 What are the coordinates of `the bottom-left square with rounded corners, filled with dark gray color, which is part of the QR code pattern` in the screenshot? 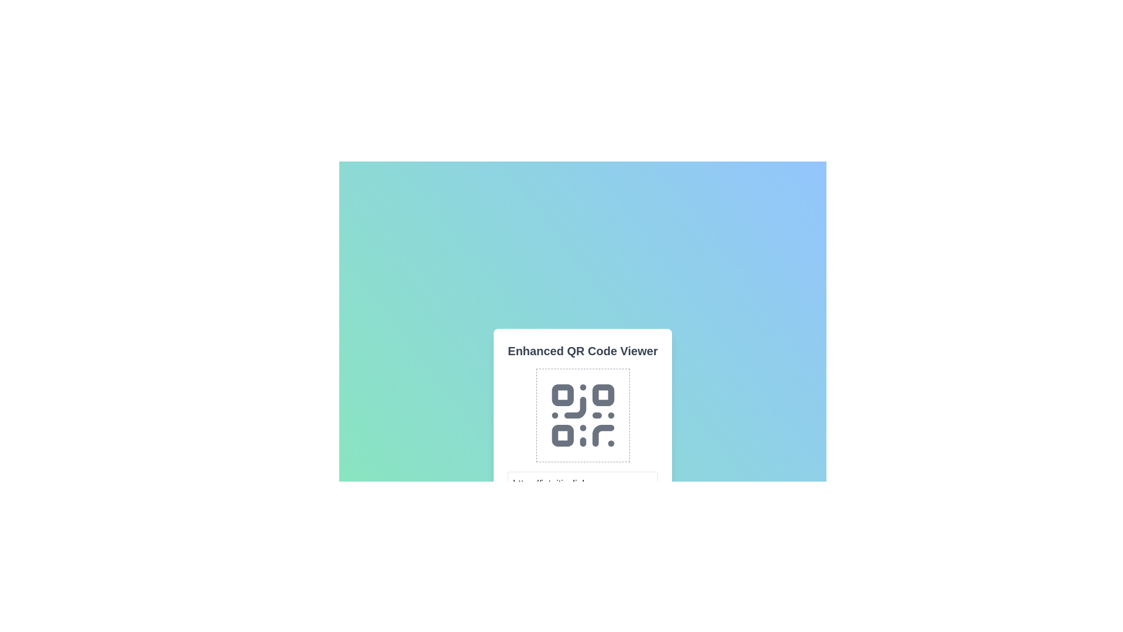 It's located at (562, 435).